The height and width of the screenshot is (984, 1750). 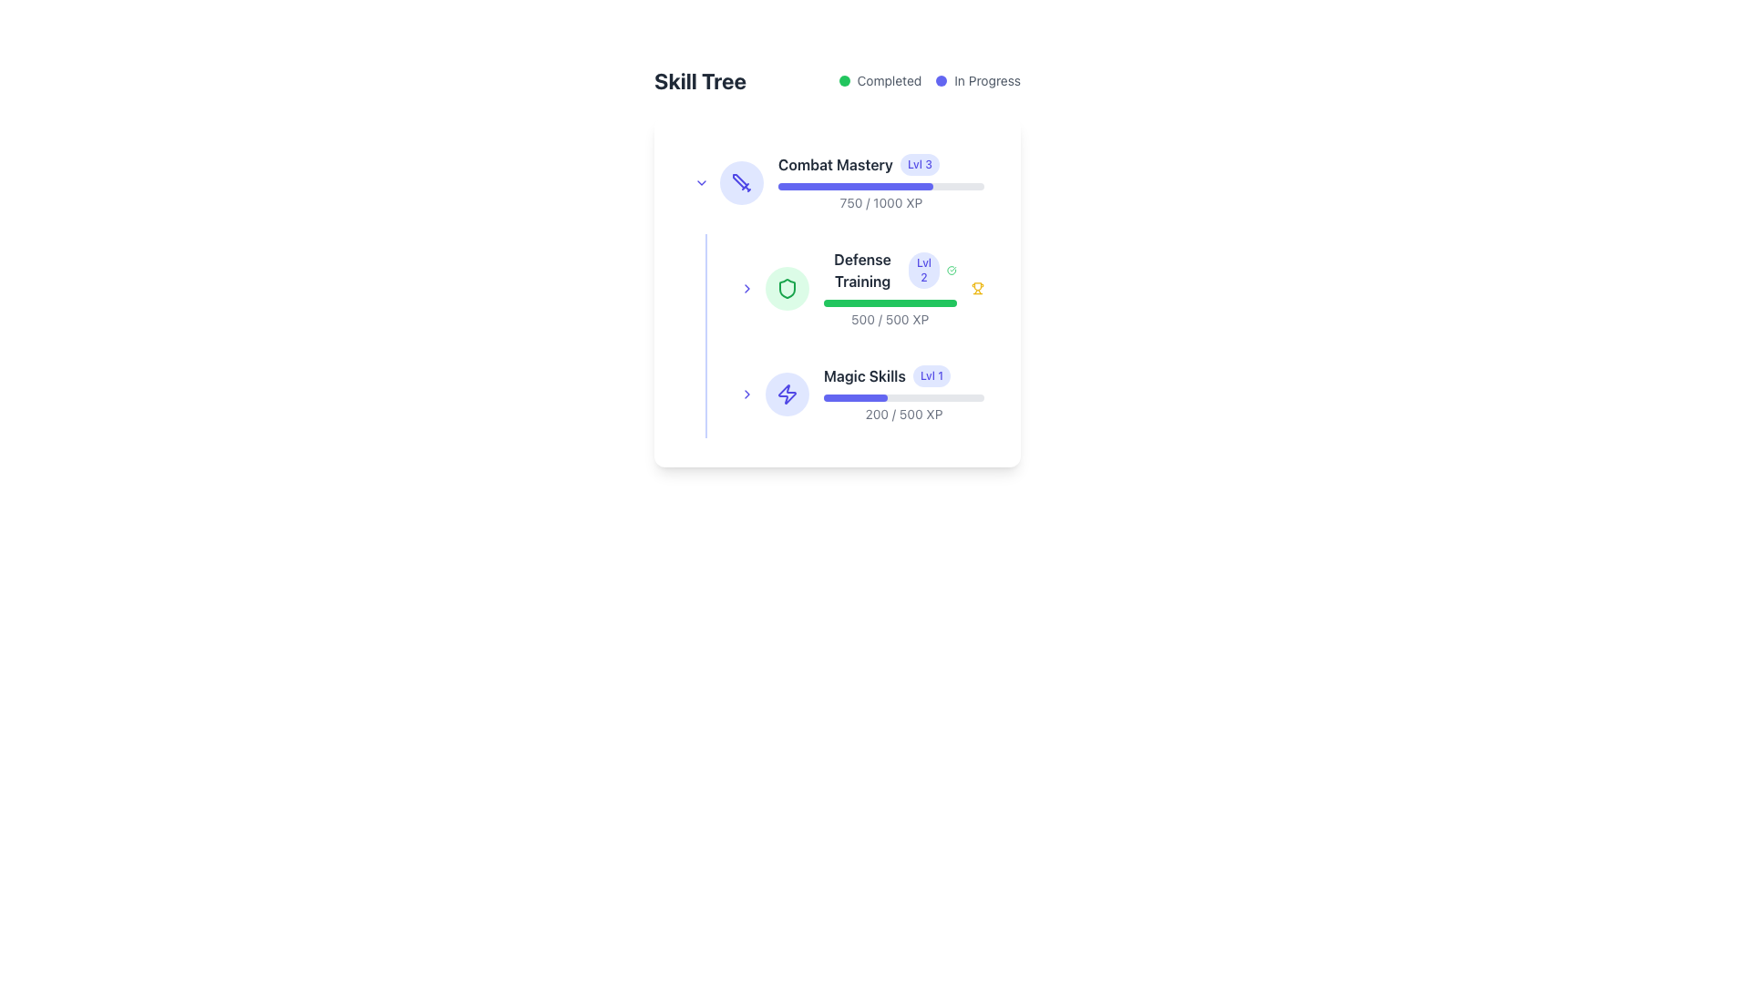 I want to click on the Text Component displaying '500 / 500 XP' located under the progress bar in the 'Defense Training' section of the skill tree card, so click(x=890, y=319).